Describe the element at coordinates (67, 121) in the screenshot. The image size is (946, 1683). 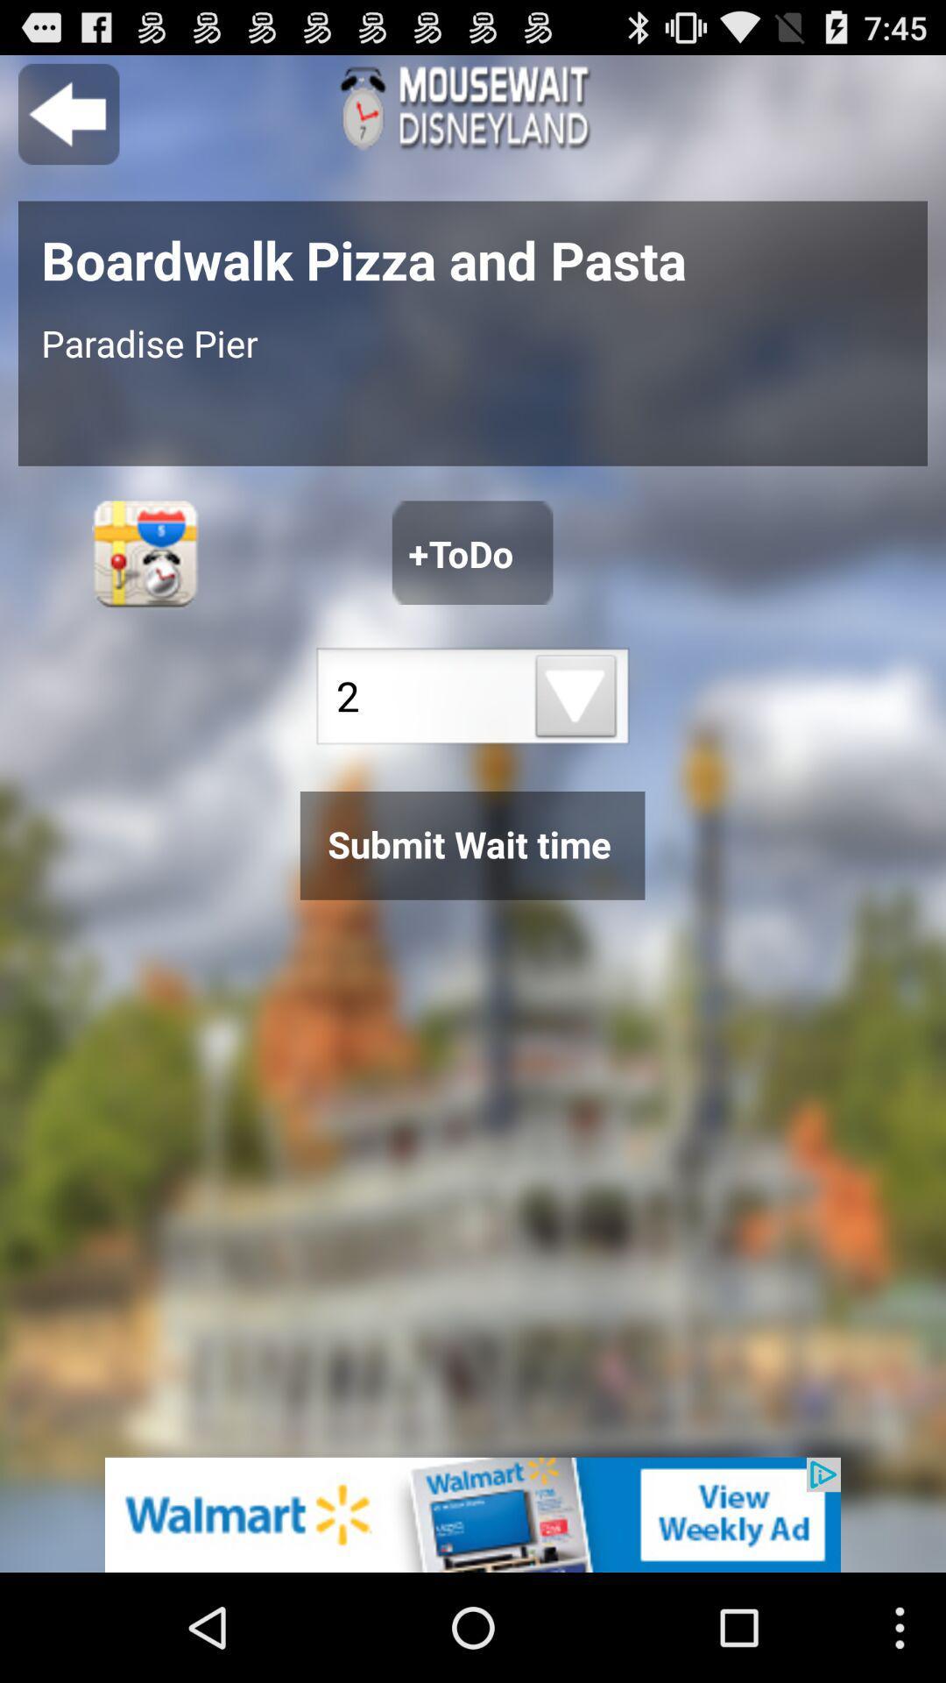
I see `the arrow_backward icon` at that location.